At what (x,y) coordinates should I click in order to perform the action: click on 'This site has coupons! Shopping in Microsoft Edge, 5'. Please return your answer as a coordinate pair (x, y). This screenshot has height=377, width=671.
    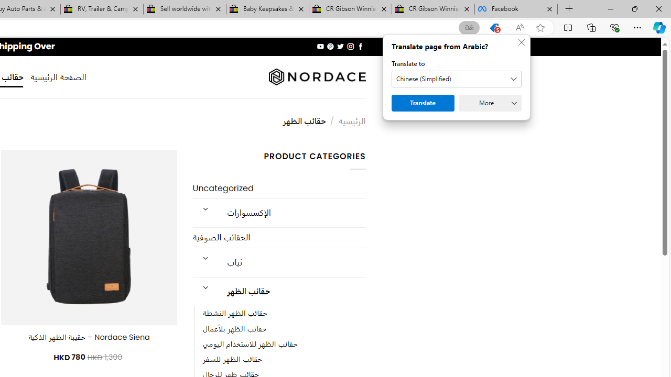
    Looking at the image, I should click on (494, 27).